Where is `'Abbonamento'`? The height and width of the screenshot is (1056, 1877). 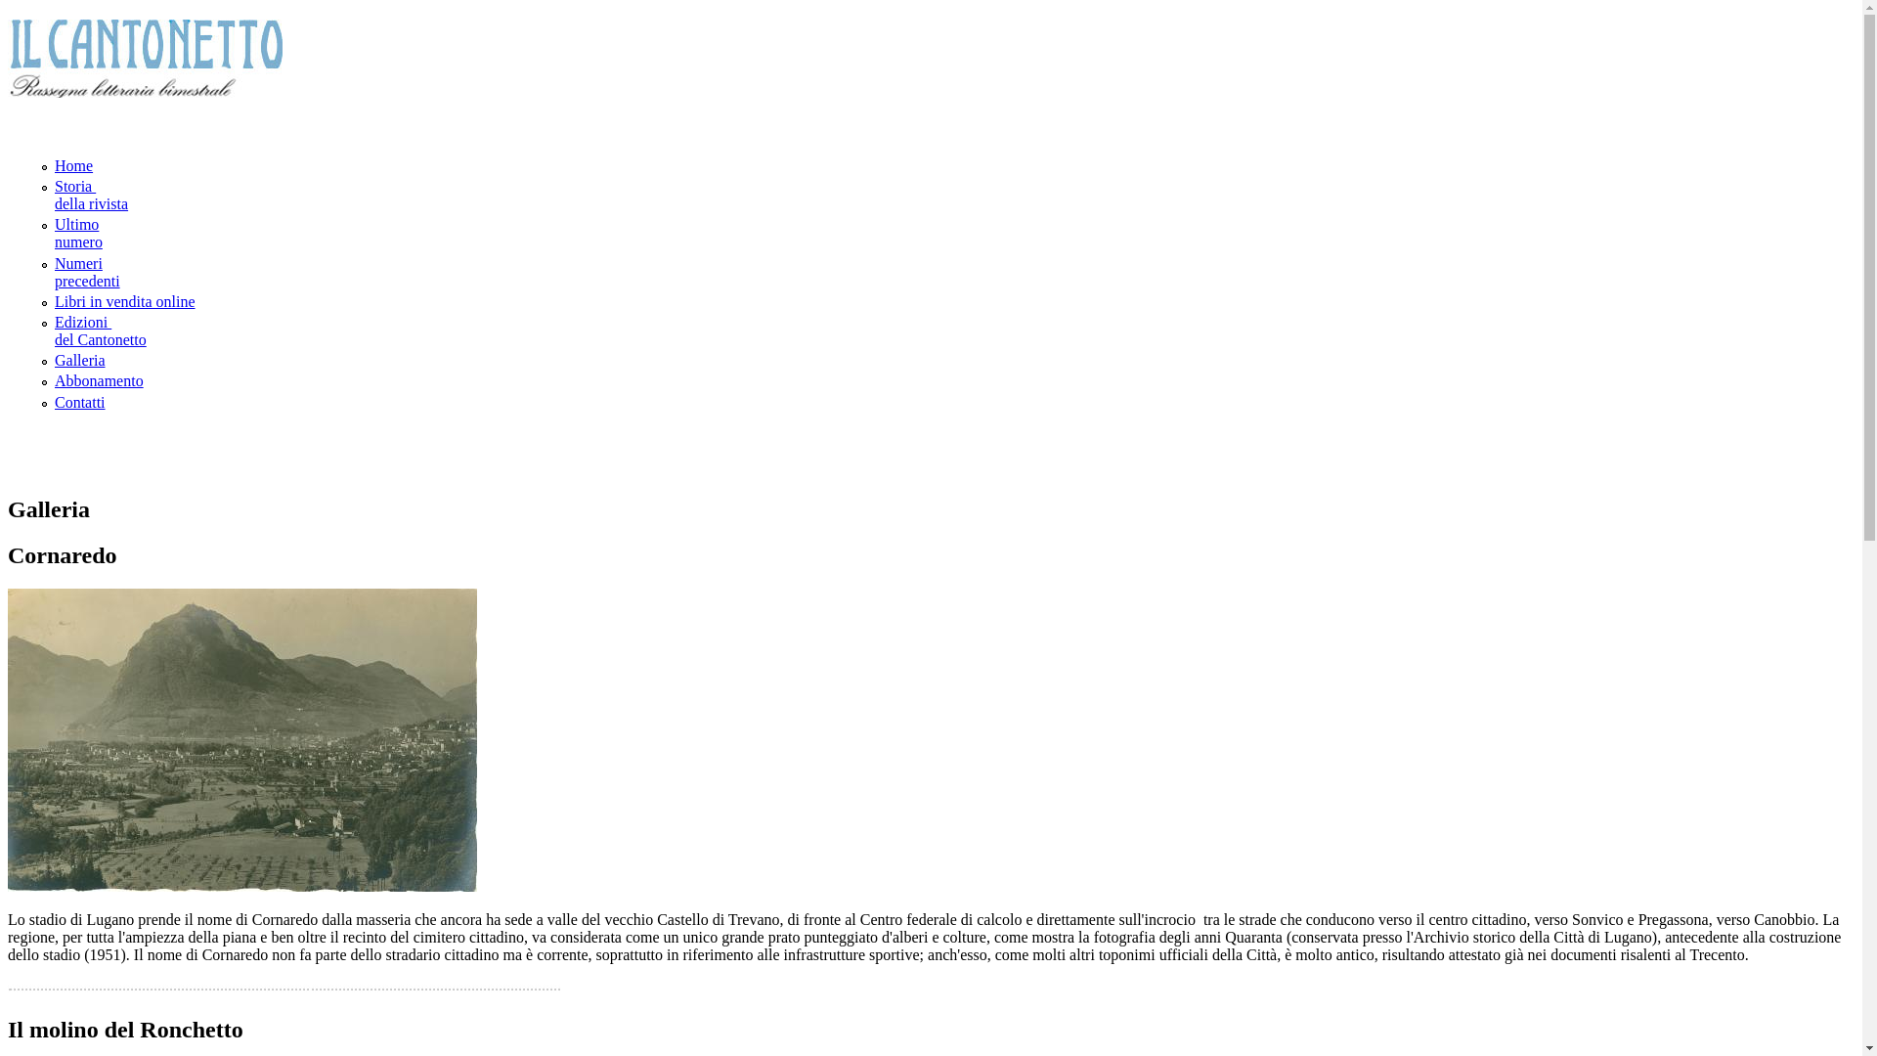 'Abbonamento' is located at coordinates (98, 380).